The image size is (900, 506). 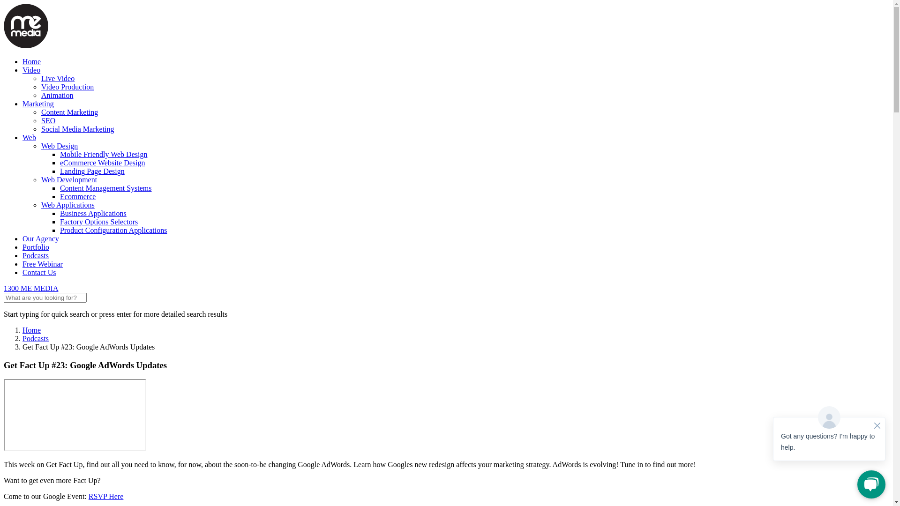 What do you see at coordinates (93, 213) in the screenshot?
I see `'Business Applications'` at bounding box center [93, 213].